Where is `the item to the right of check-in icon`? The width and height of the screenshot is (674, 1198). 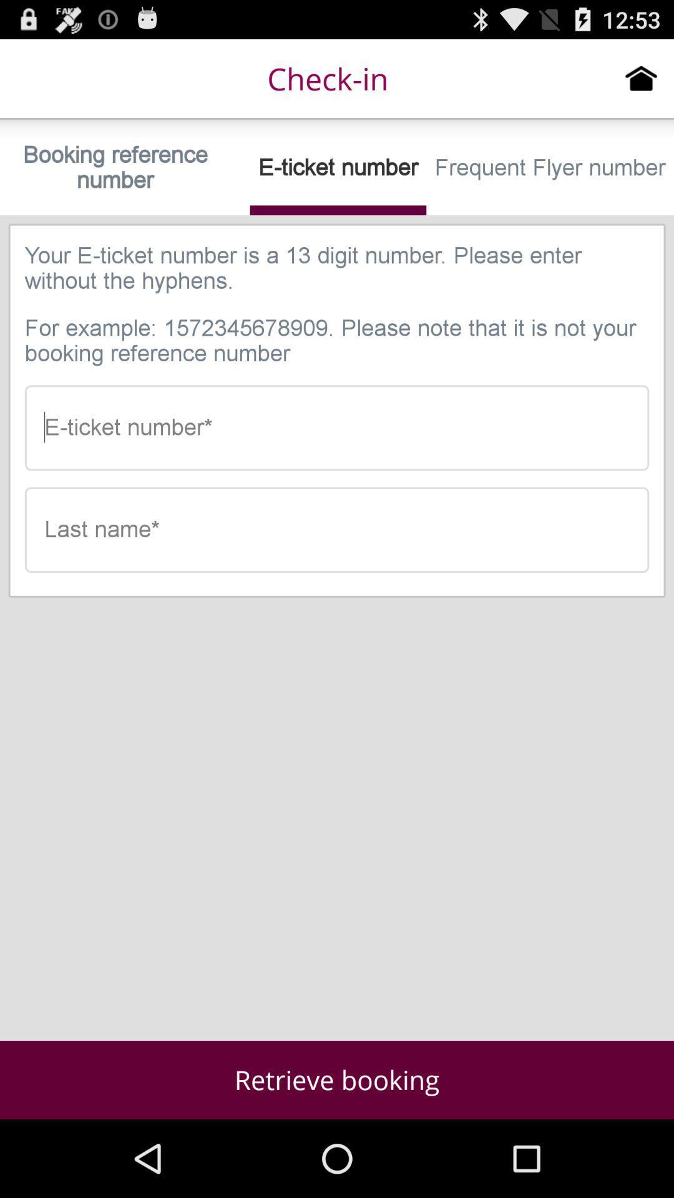 the item to the right of check-in icon is located at coordinates (641, 77).